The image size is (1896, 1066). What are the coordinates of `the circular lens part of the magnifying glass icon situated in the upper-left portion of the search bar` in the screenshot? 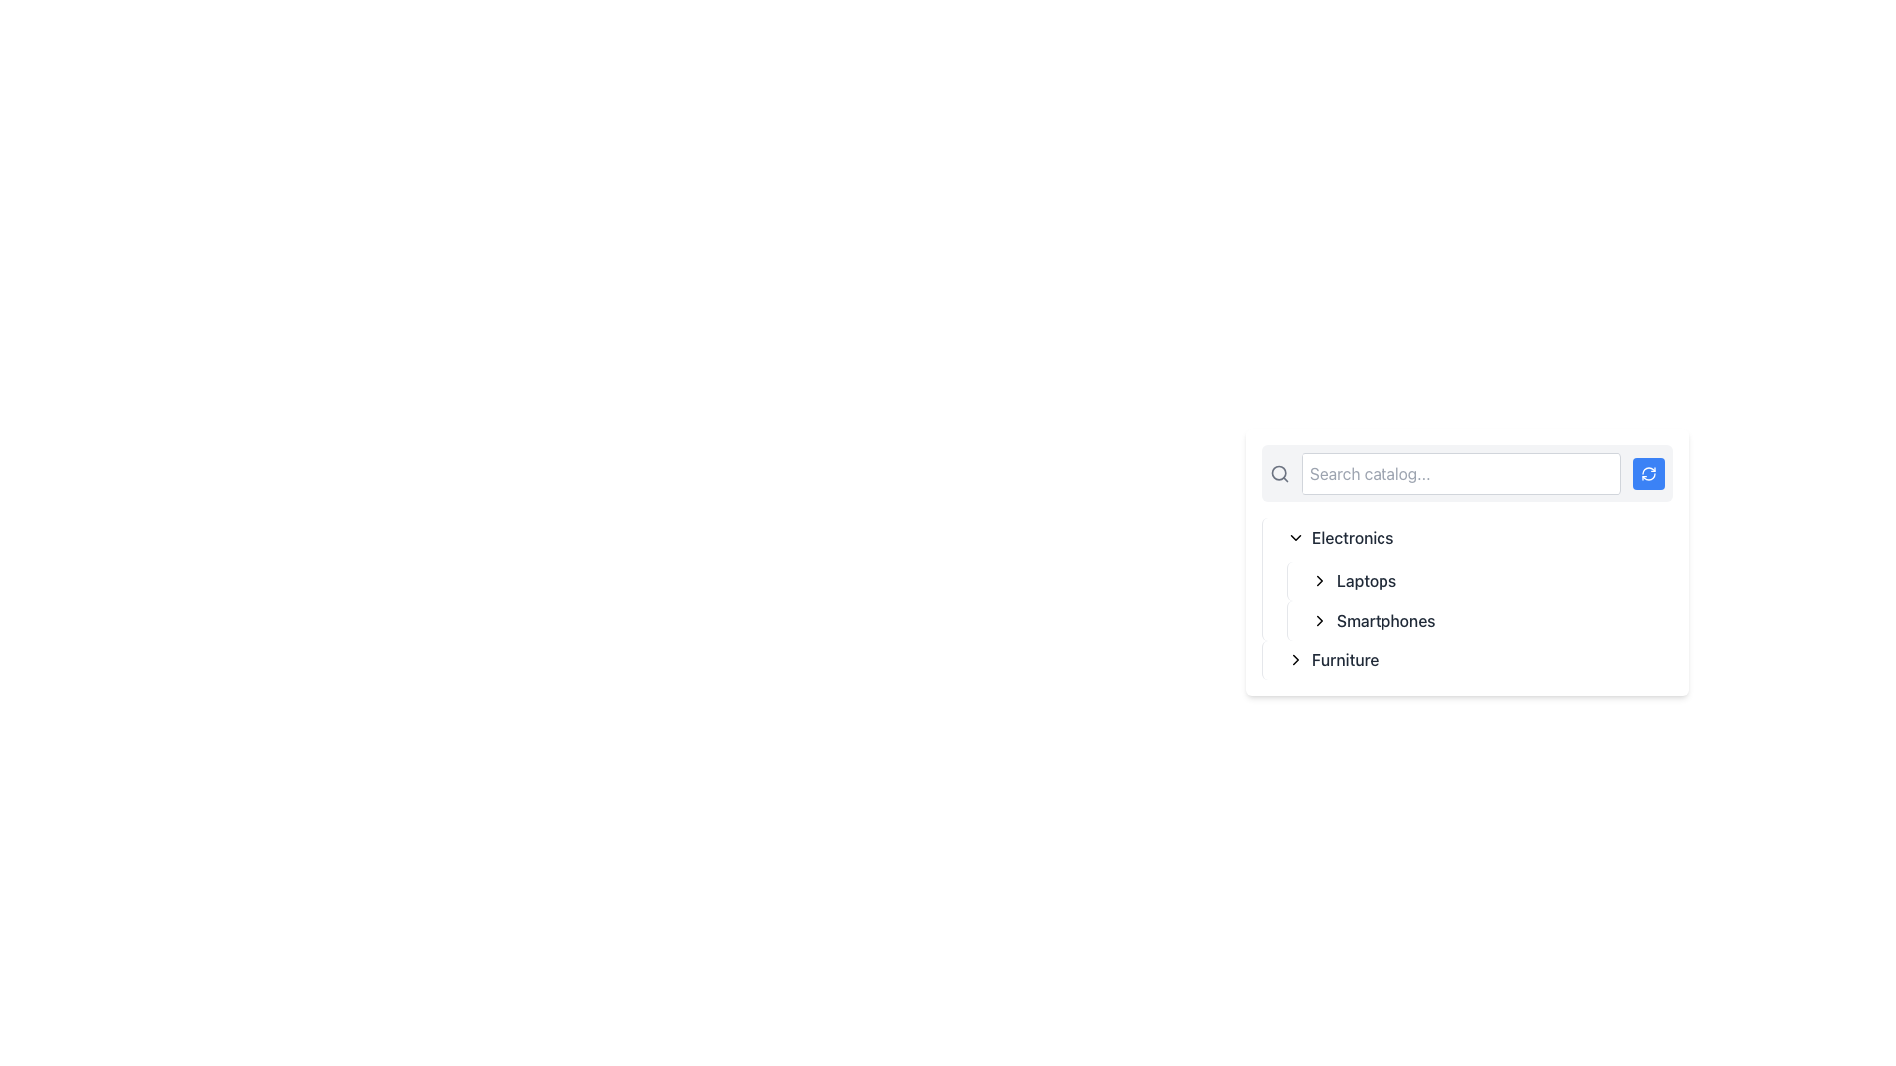 It's located at (1279, 473).